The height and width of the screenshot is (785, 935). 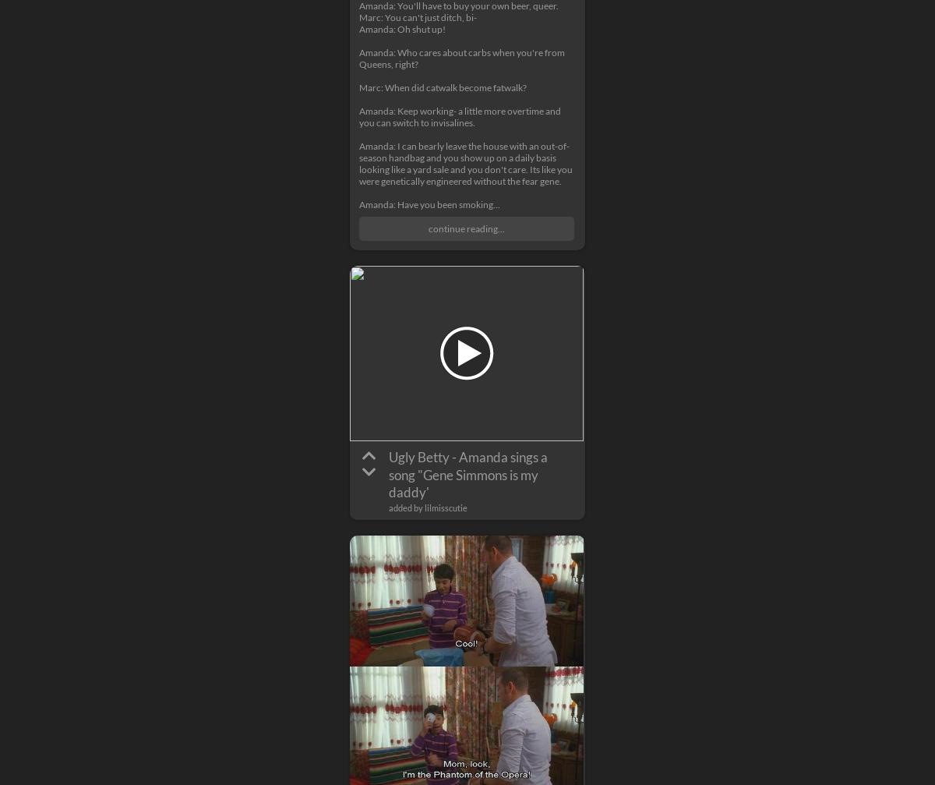 I want to click on 'Marc: You can't just ditch, bi-', so click(x=358, y=17).